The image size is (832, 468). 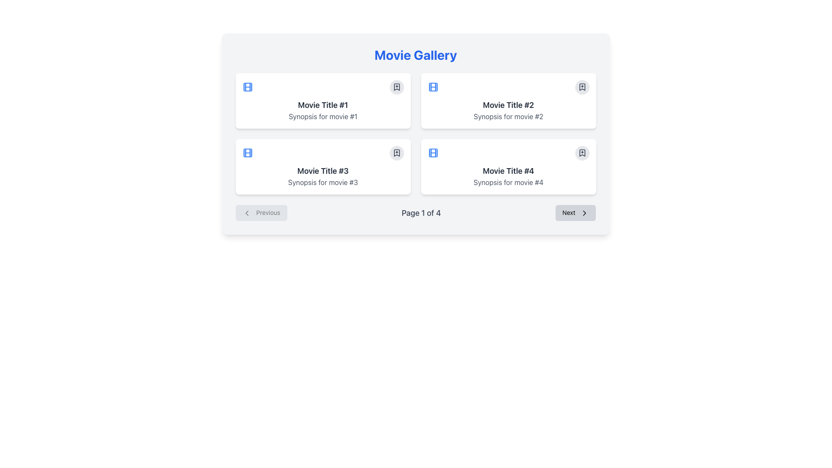 What do you see at coordinates (247, 153) in the screenshot?
I see `the film reel icon with a blue outline located at the top-left corner of the third content card in the Movie Gallery interface` at bounding box center [247, 153].